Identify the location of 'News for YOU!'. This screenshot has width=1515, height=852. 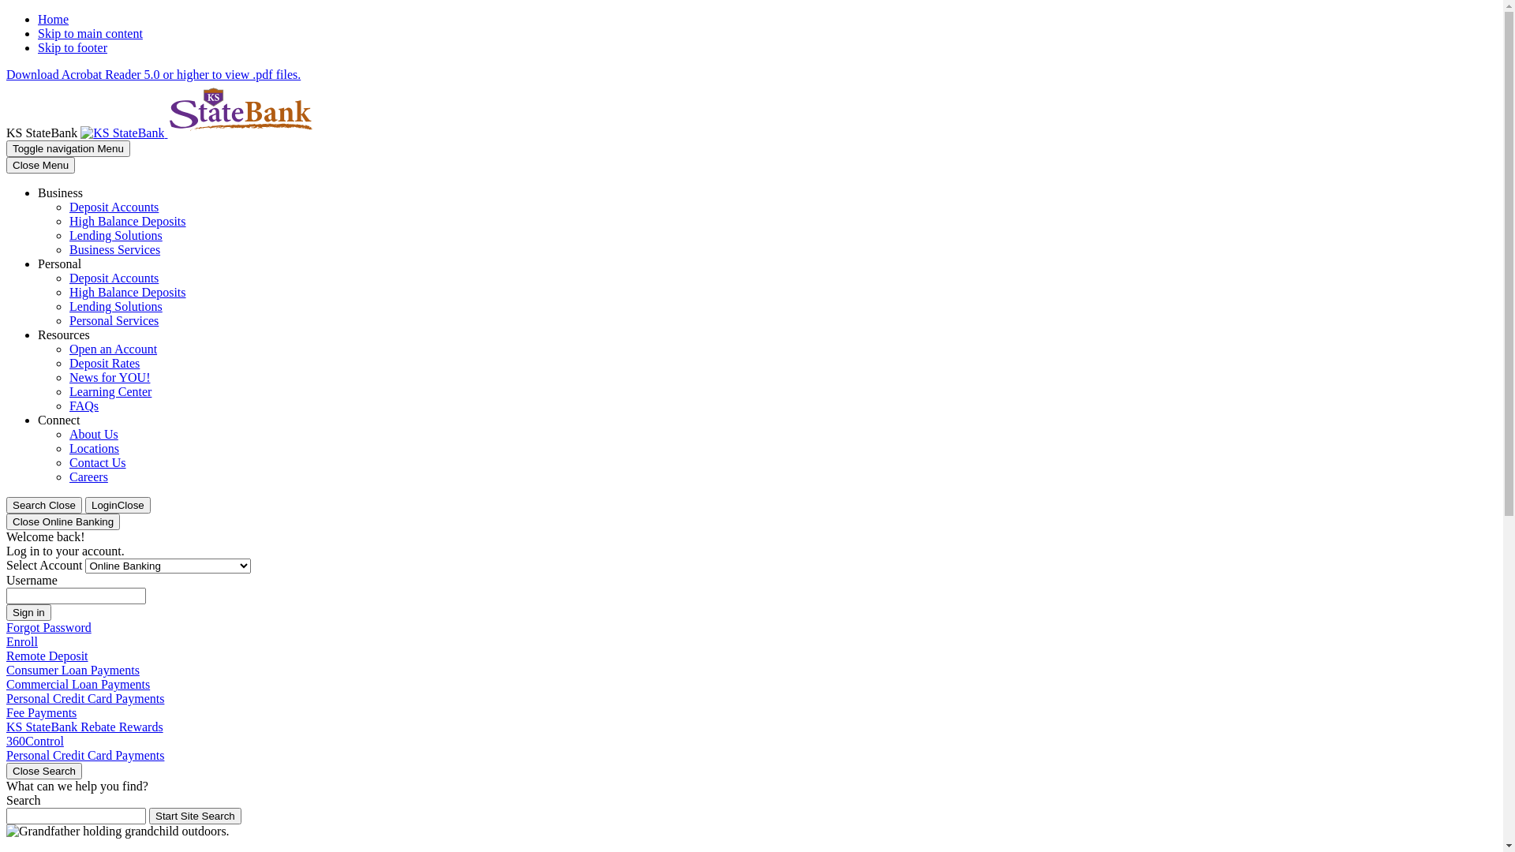
(68, 377).